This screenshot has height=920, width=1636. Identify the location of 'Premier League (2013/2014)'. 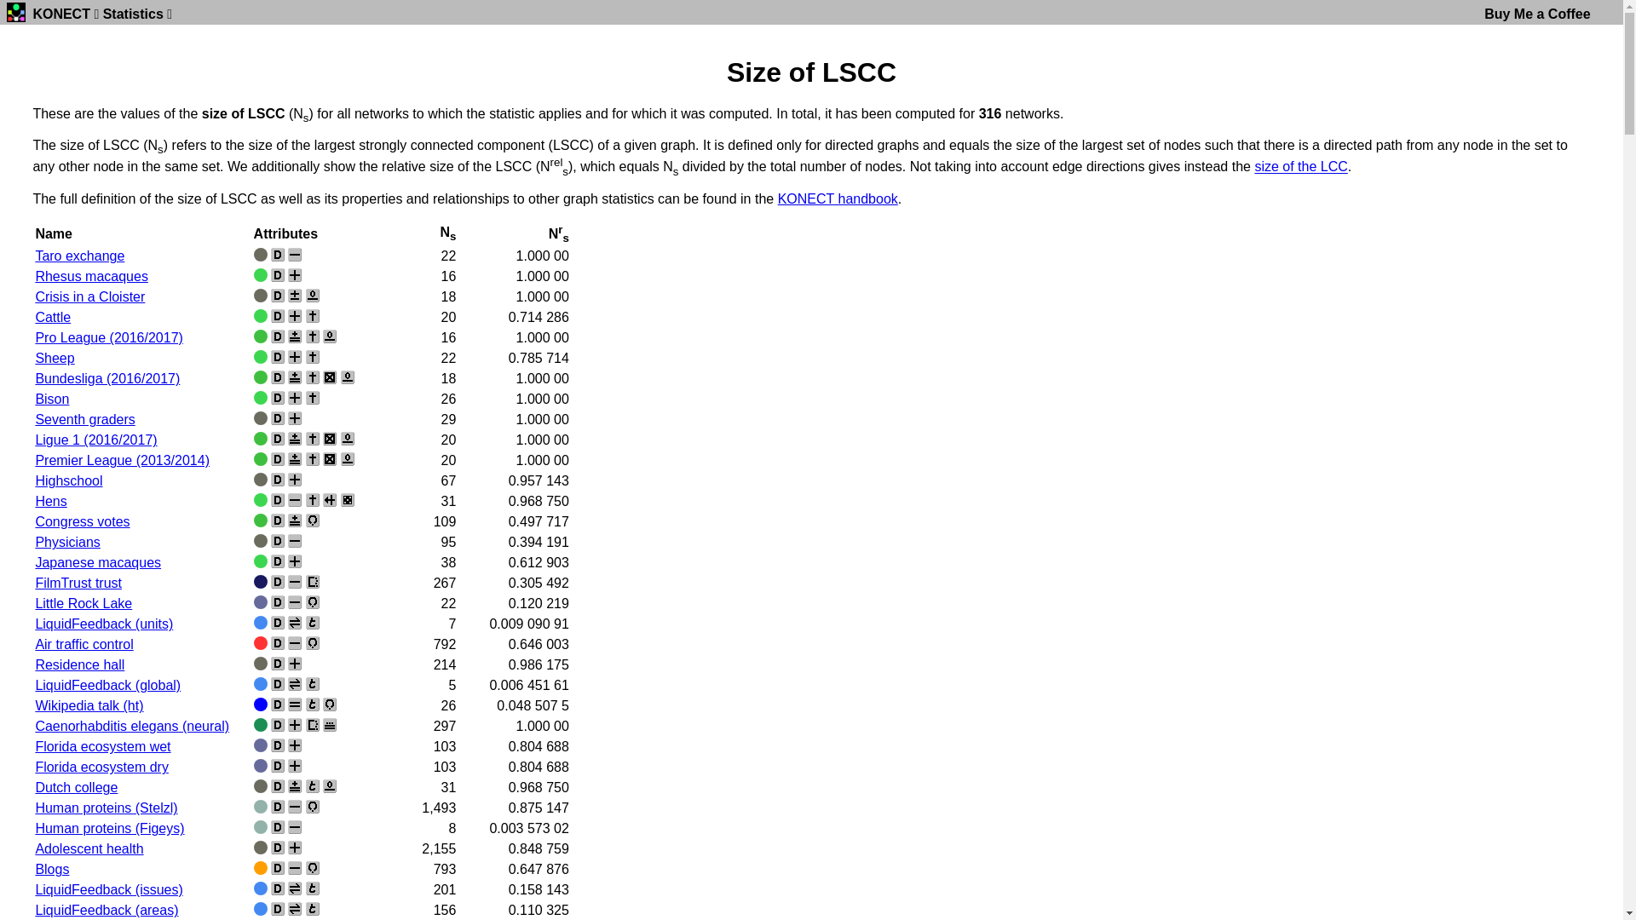
(121, 460).